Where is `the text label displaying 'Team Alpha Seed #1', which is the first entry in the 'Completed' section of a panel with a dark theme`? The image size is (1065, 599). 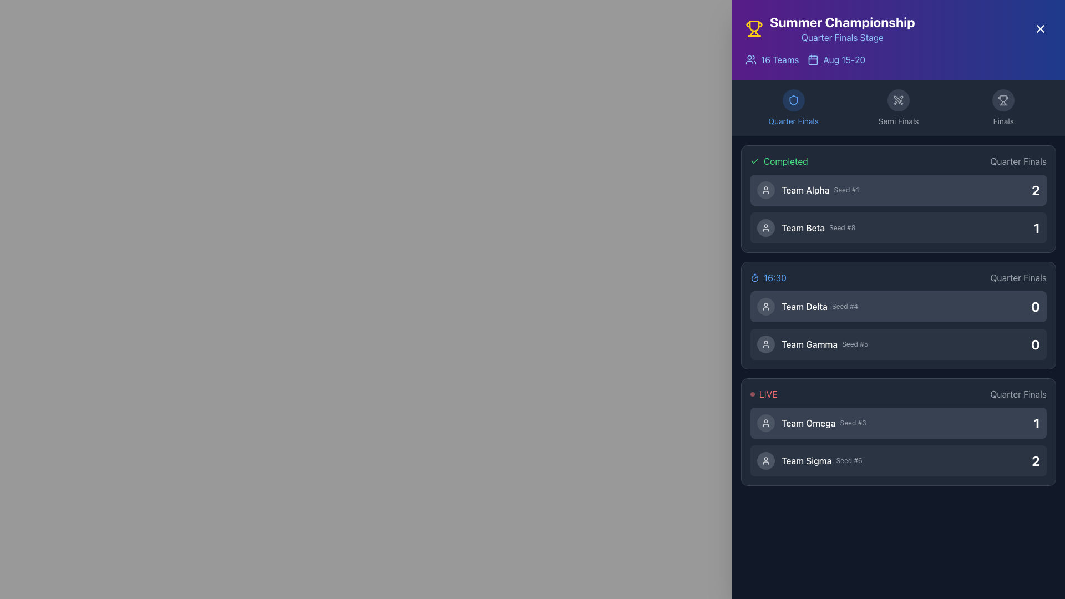
the text label displaying 'Team Alpha Seed #1', which is the first entry in the 'Completed' section of a panel with a dark theme is located at coordinates (820, 190).